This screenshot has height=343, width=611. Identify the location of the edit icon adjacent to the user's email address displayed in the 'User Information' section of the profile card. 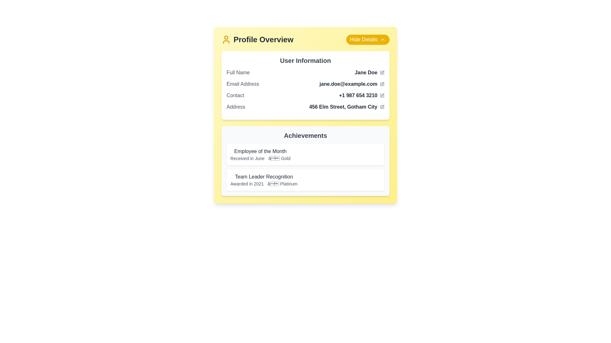
(352, 84).